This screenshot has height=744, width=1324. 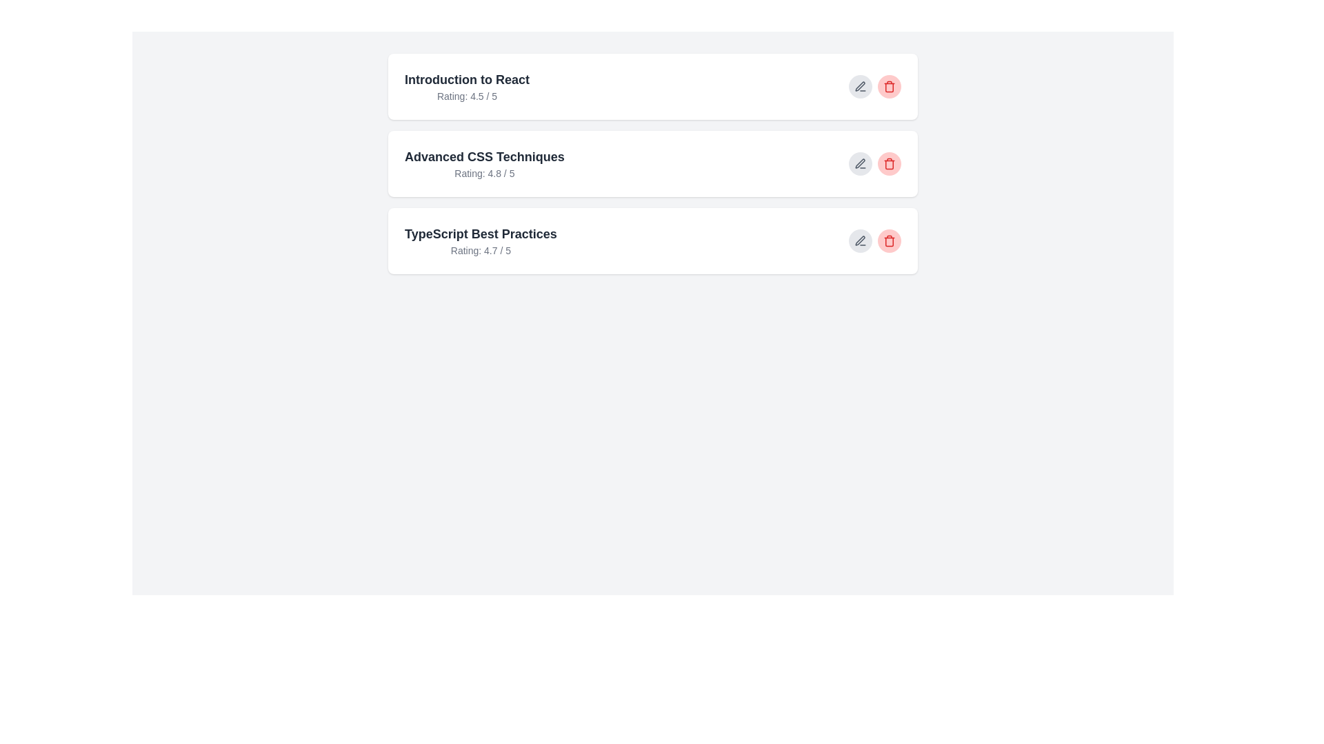 I want to click on the delete button located in the top-right corner of its respective list item, so click(x=890, y=240).